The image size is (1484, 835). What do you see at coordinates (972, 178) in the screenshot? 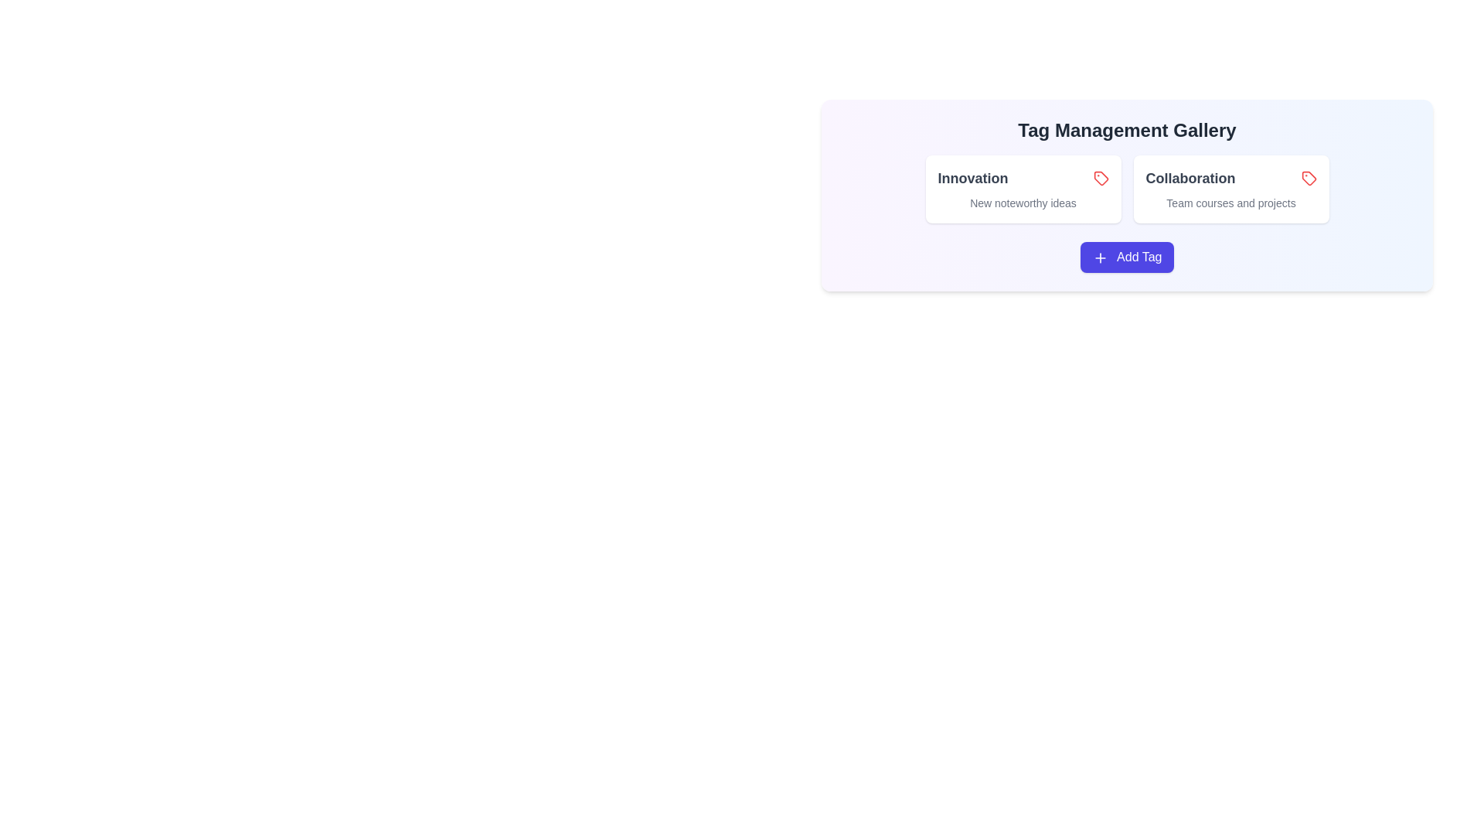
I see `the text label displaying the word 'Innovation', which is in a medium-large bold serif font and located at the top-left of a card layout's item group` at bounding box center [972, 178].